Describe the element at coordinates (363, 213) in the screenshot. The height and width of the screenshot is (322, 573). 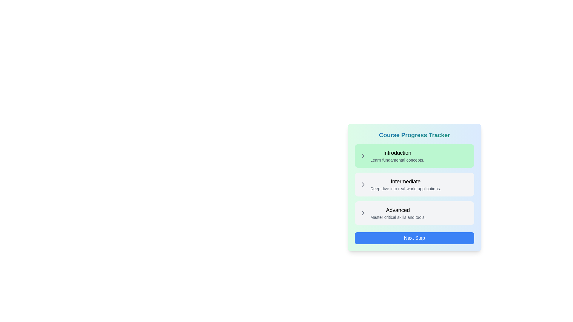
I see `the navigation icon located on the right-hand side of the 'Advanced' text to view additional options` at that location.